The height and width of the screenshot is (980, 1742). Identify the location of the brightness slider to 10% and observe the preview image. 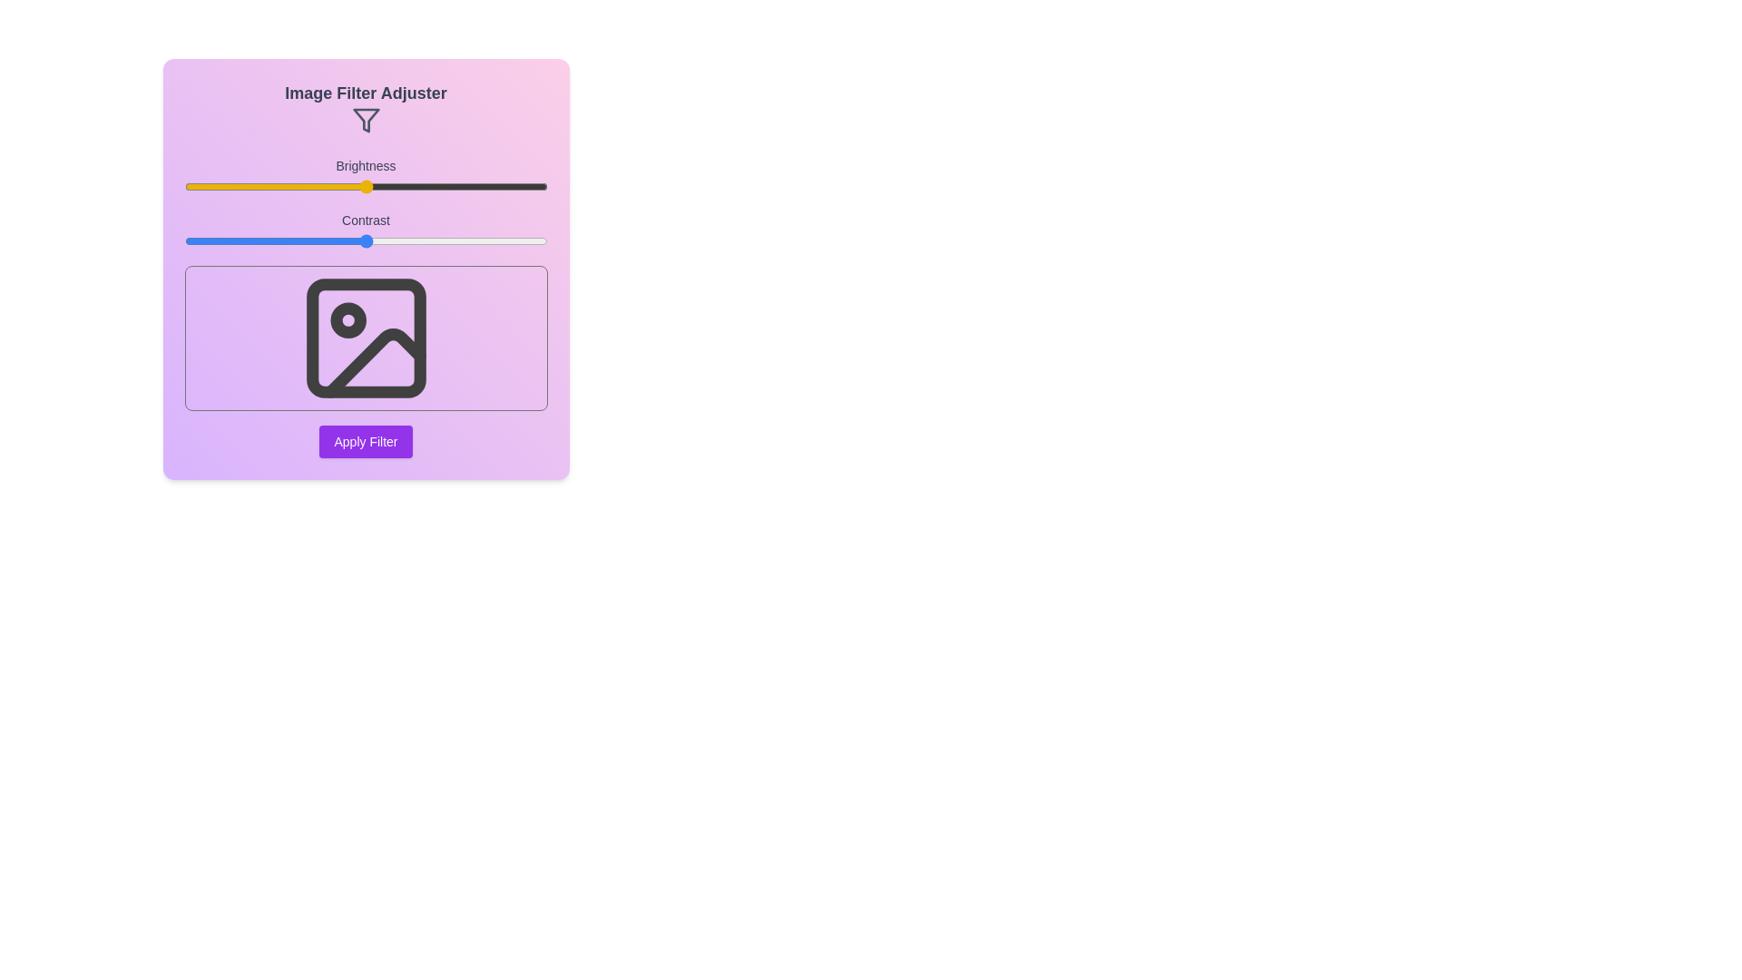
(220, 186).